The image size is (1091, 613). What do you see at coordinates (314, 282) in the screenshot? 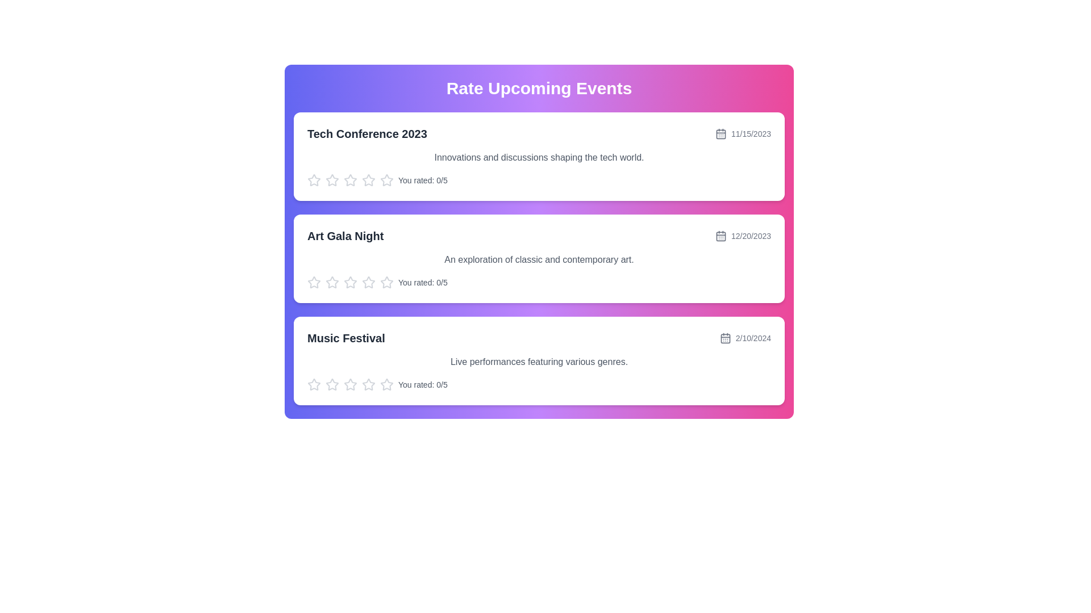
I see `the outlined star icon in the 'Art Gala Night' section` at bounding box center [314, 282].